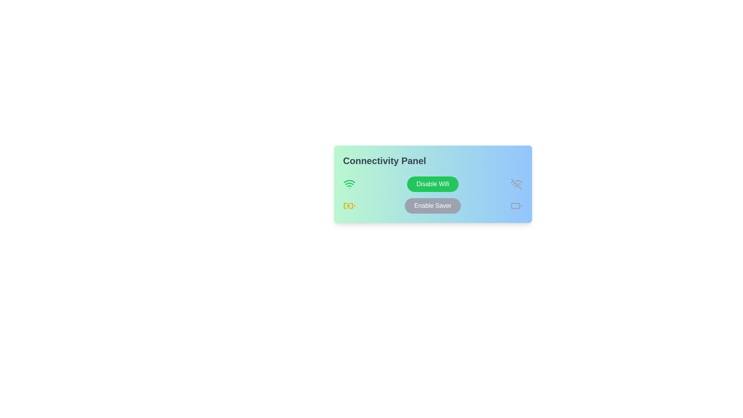 The image size is (743, 418). What do you see at coordinates (349, 184) in the screenshot?
I see `the Wi-Fi connectivity status icon located in the 'Connectivity Panel' at the top-left section, beside the 'Disable Wifi' button` at bounding box center [349, 184].